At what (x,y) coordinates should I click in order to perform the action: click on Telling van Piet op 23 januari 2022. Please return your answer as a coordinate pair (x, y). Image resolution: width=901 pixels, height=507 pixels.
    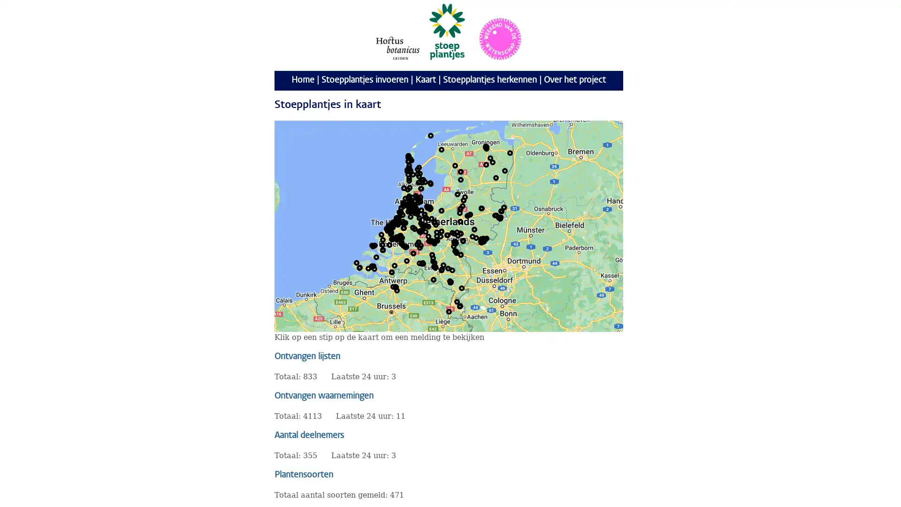
    Looking at the image, I should click on (434, 222).